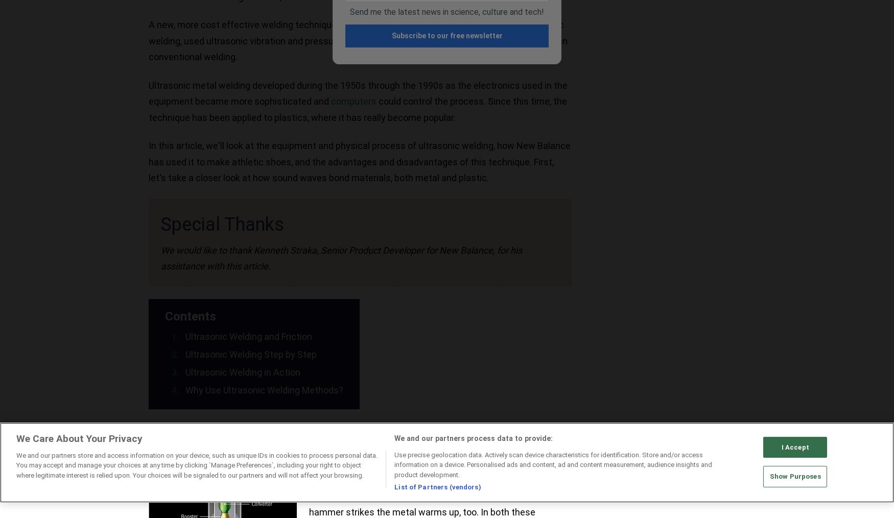  What do you see at coordinates (331, 101) in the screenshot?
I see `'computers'` at bounding box center [331, 101].